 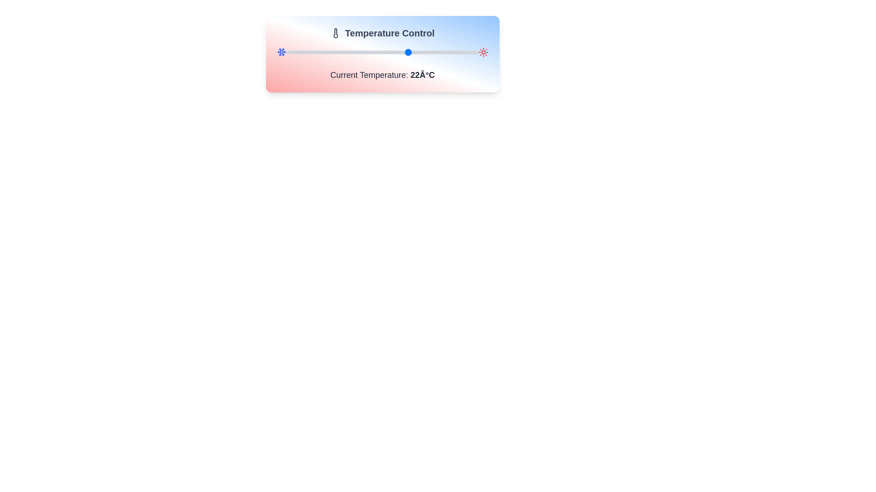 What do you see at coordinates (371, 52) in the screenshot?
I see `the temperature` at bounding box center [371, 52].